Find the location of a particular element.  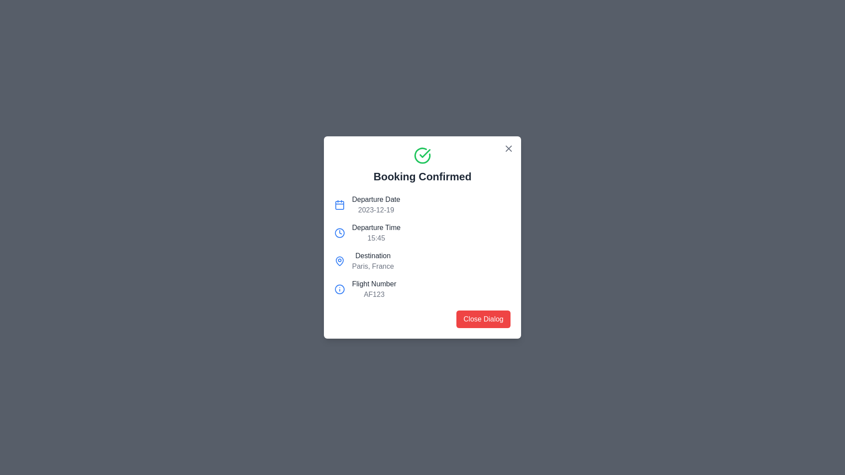

the Text Label that serves as a title for the flight number information, located below the 'Destination' section and above the 'AF123' flight number detail in a centered modal dialog is located at coordinates (374, 284).